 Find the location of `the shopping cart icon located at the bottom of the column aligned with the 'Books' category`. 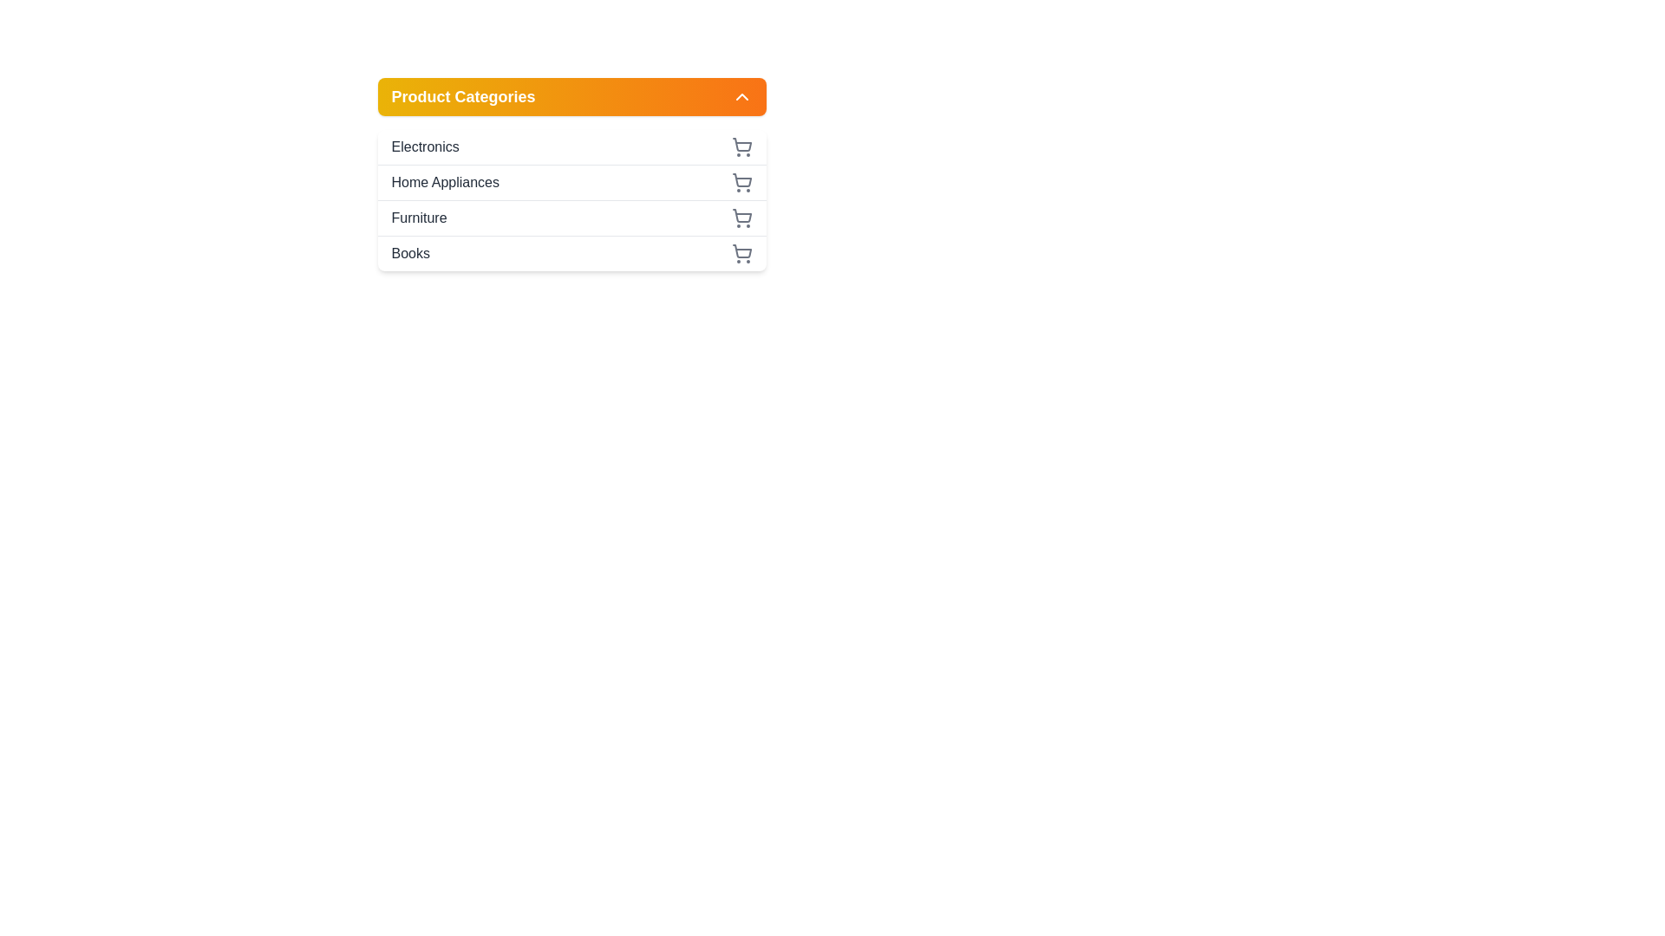

the shopping cart icon located at the bottom of the column aligned with the 'Books' category is located at coordinates (741, 251).